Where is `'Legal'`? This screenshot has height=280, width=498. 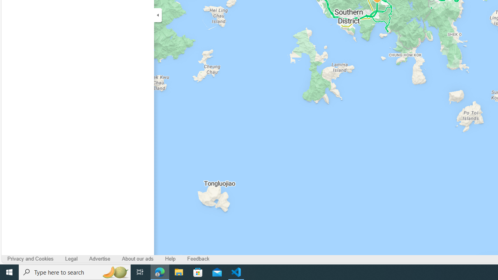
'Legal' is located at coordinates (71, 259).